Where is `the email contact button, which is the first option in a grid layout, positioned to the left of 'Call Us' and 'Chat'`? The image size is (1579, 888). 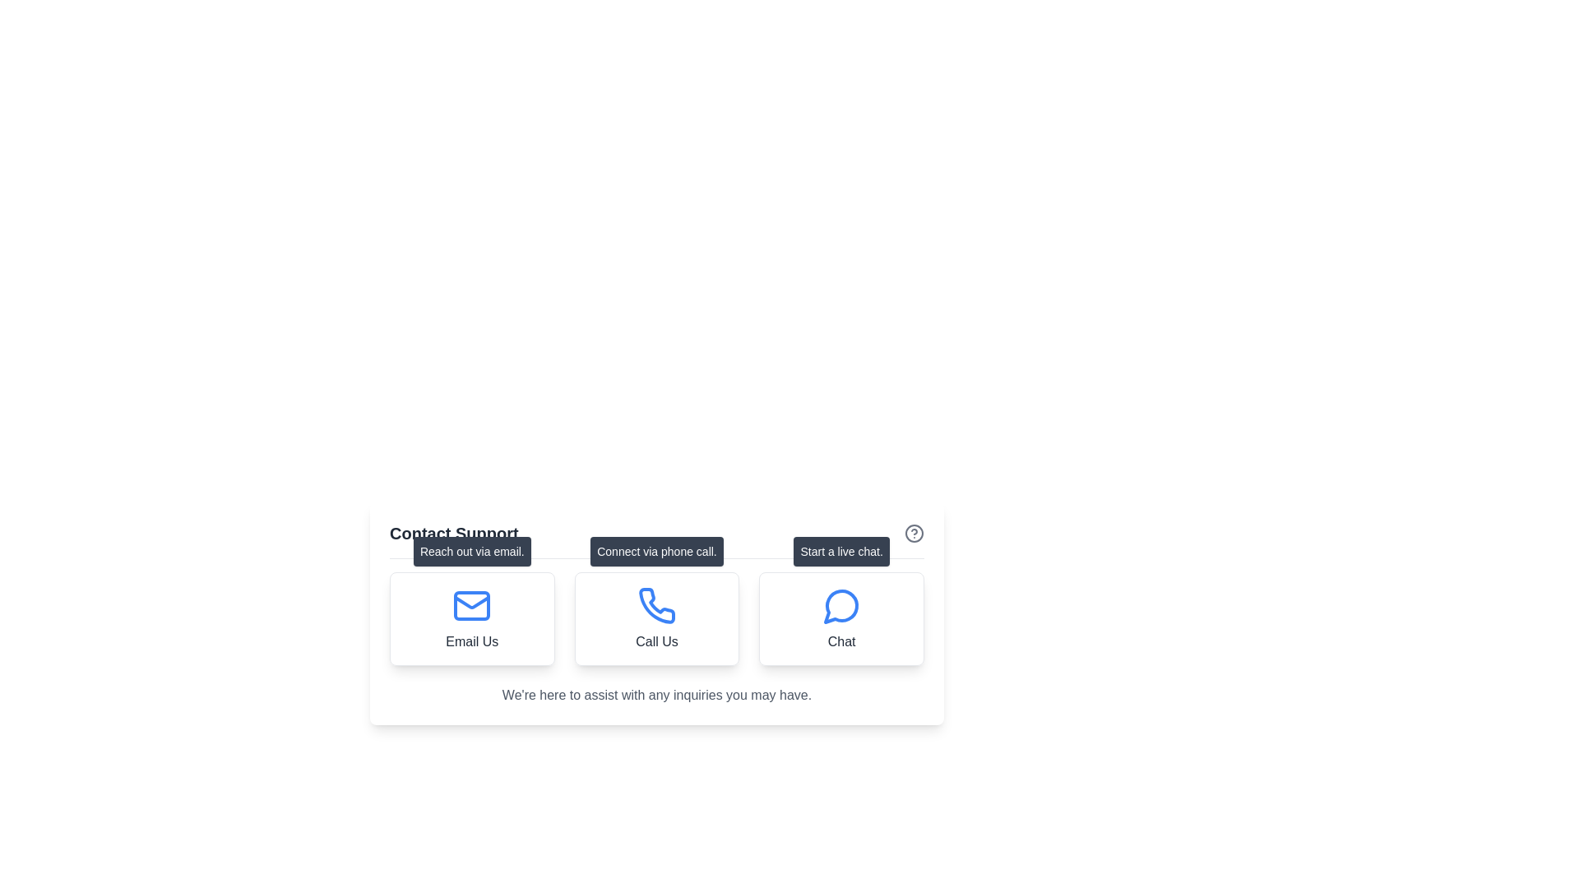
the email contact button, which is the first option in a grid layout, positioned to the left of 'Call Us' and 'Chat' is located at coordinates (471, 618).